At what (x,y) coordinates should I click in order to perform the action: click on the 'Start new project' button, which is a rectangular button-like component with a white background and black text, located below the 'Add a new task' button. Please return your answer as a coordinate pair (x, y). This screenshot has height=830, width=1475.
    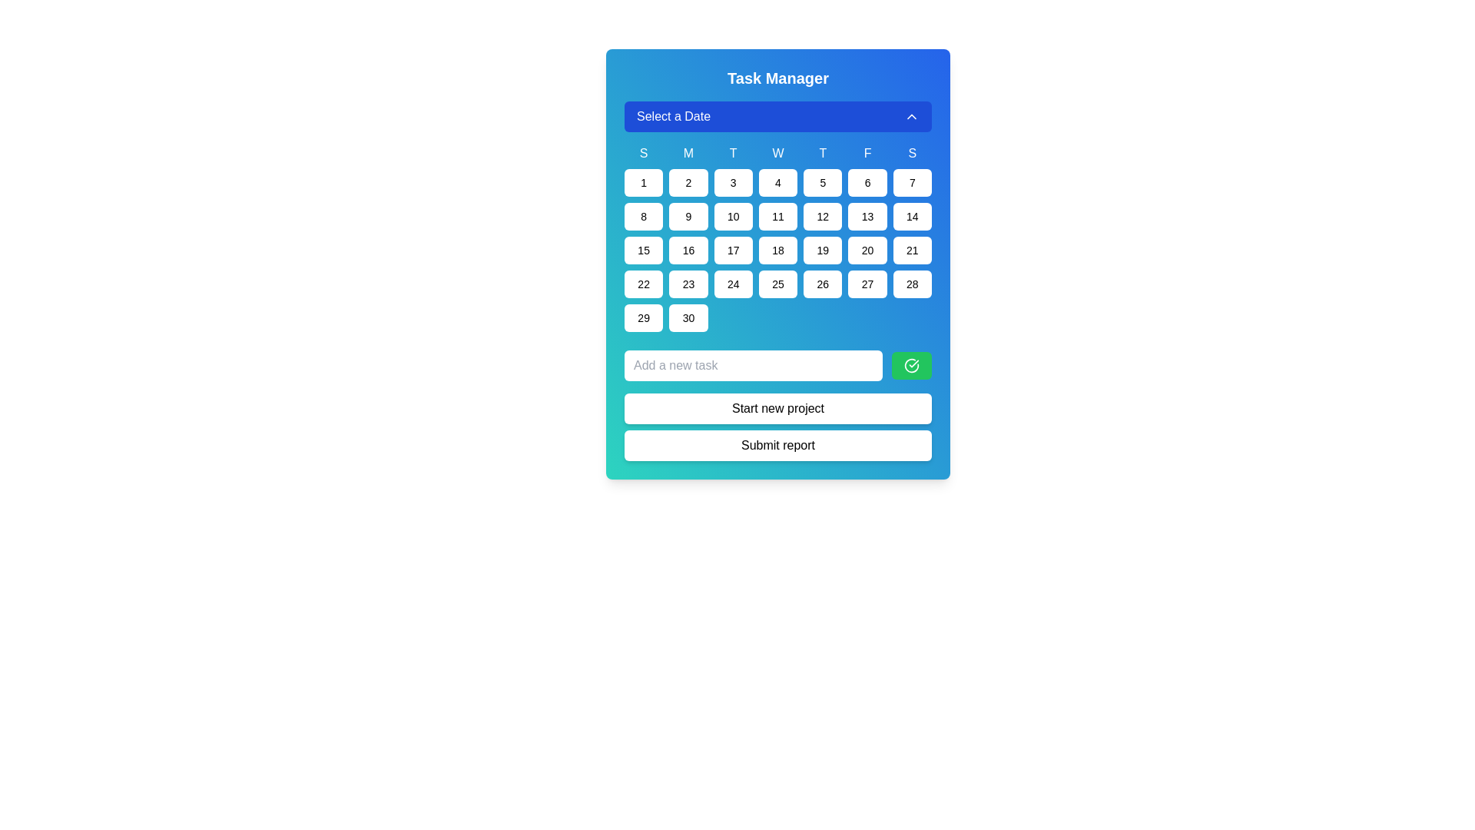
    Looking at the image, I should click on (777, 405).